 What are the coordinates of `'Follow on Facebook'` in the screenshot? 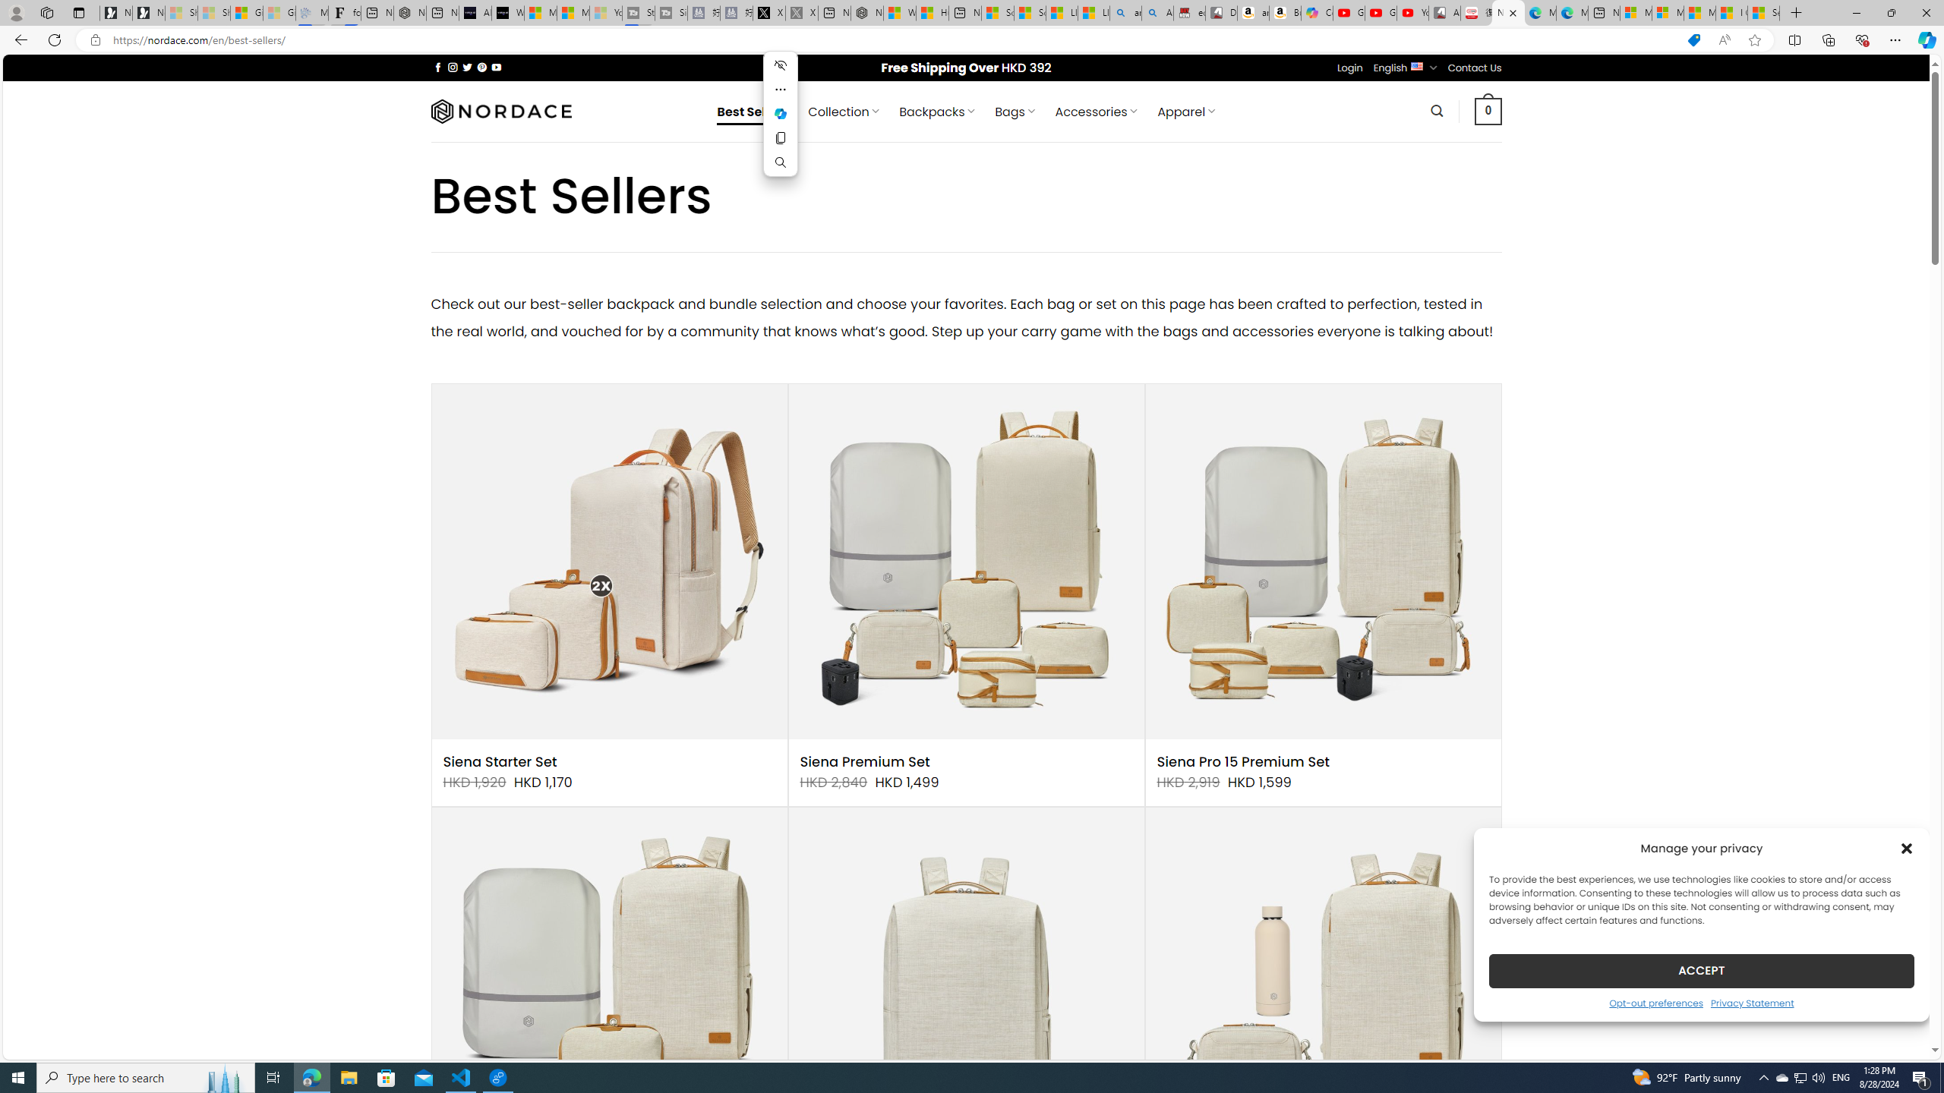 It's located at (437, 67).